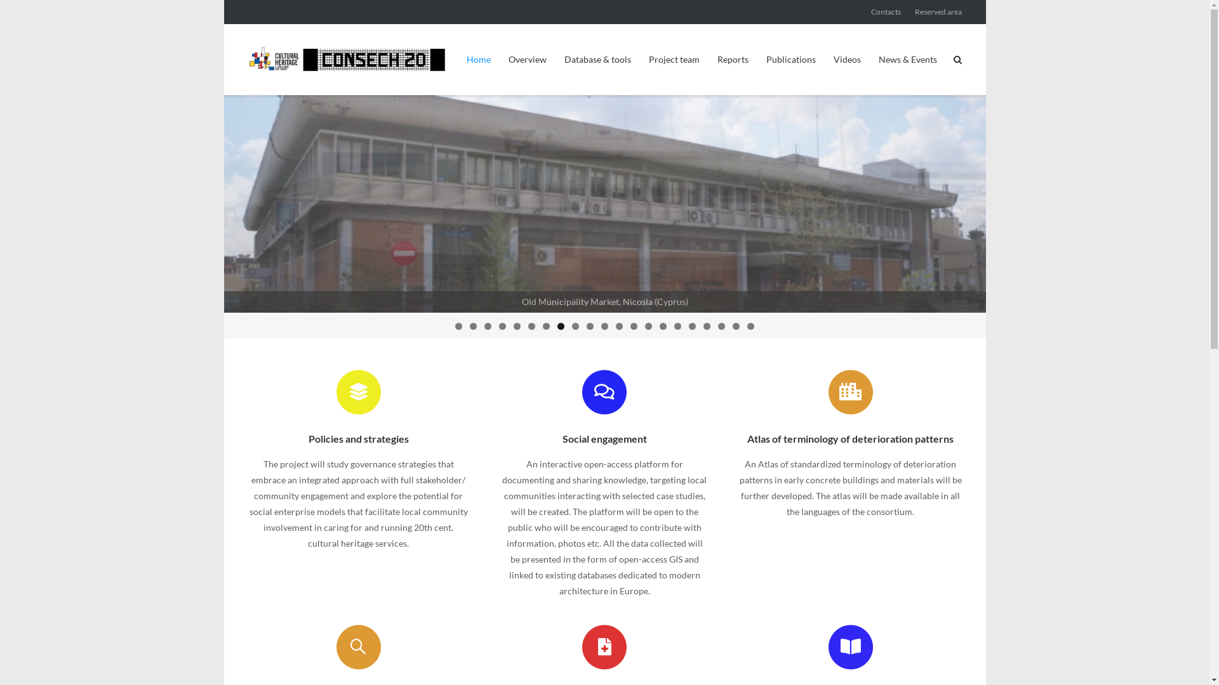  Describe the element at coordinates (615, 325) in the screenshot. I see `'12'` at that location.